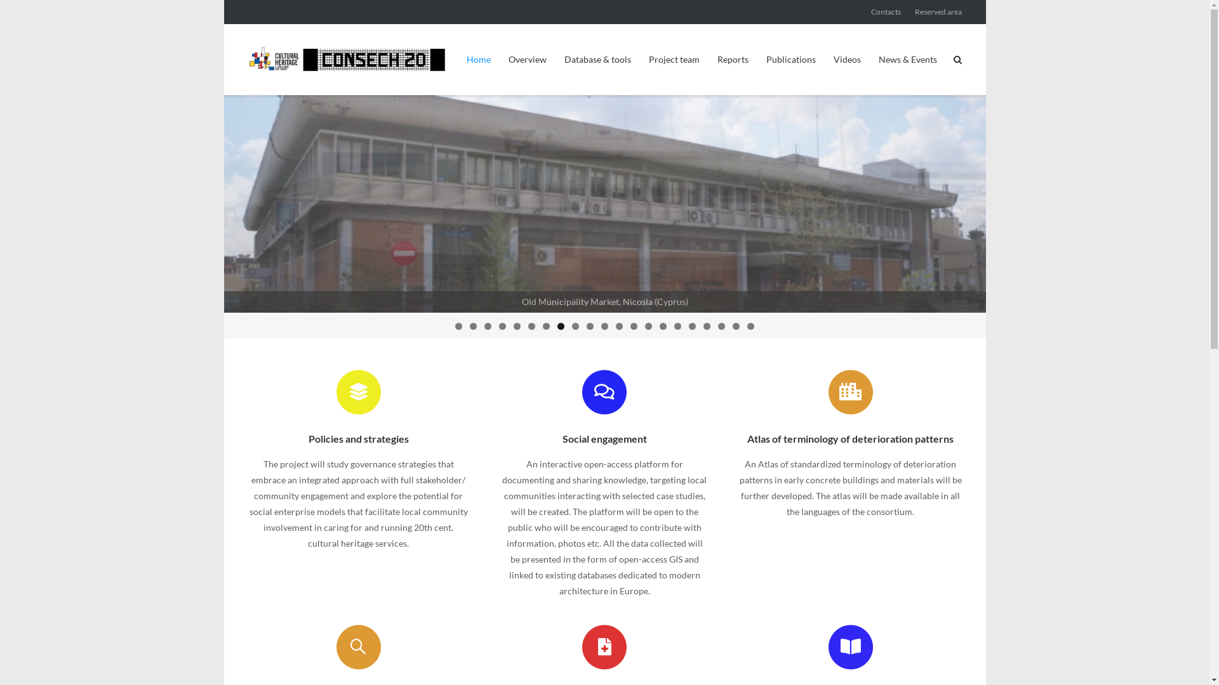  Describe the element at coordinates (615, 325) in the screenshot. I see `'12'` at that location.